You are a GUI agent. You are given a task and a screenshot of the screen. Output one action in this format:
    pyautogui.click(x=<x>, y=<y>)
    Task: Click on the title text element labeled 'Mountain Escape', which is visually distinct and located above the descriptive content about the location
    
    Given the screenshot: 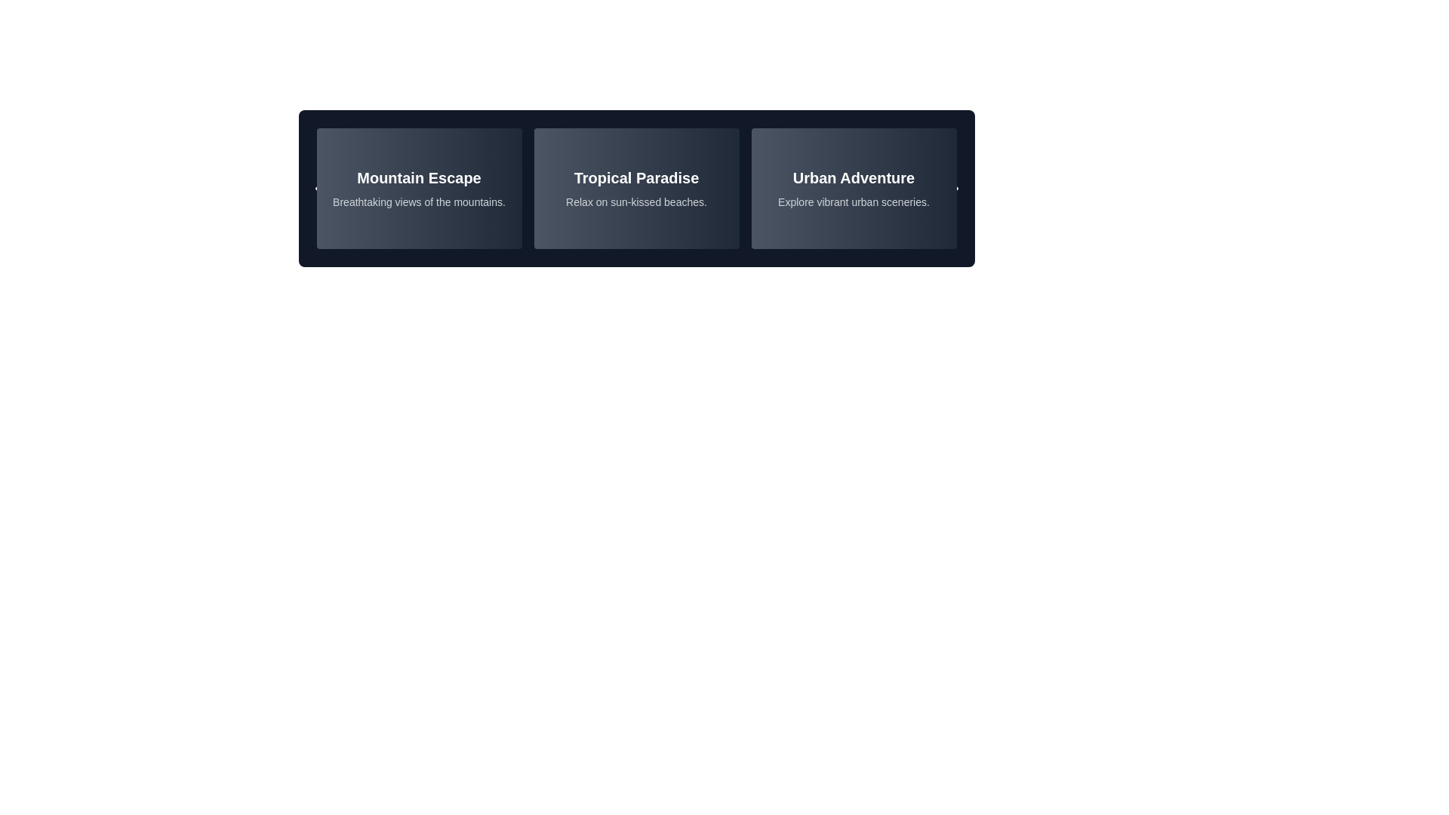 What is the action you would take?
    pyautogui.click(x=419, y=177)
    